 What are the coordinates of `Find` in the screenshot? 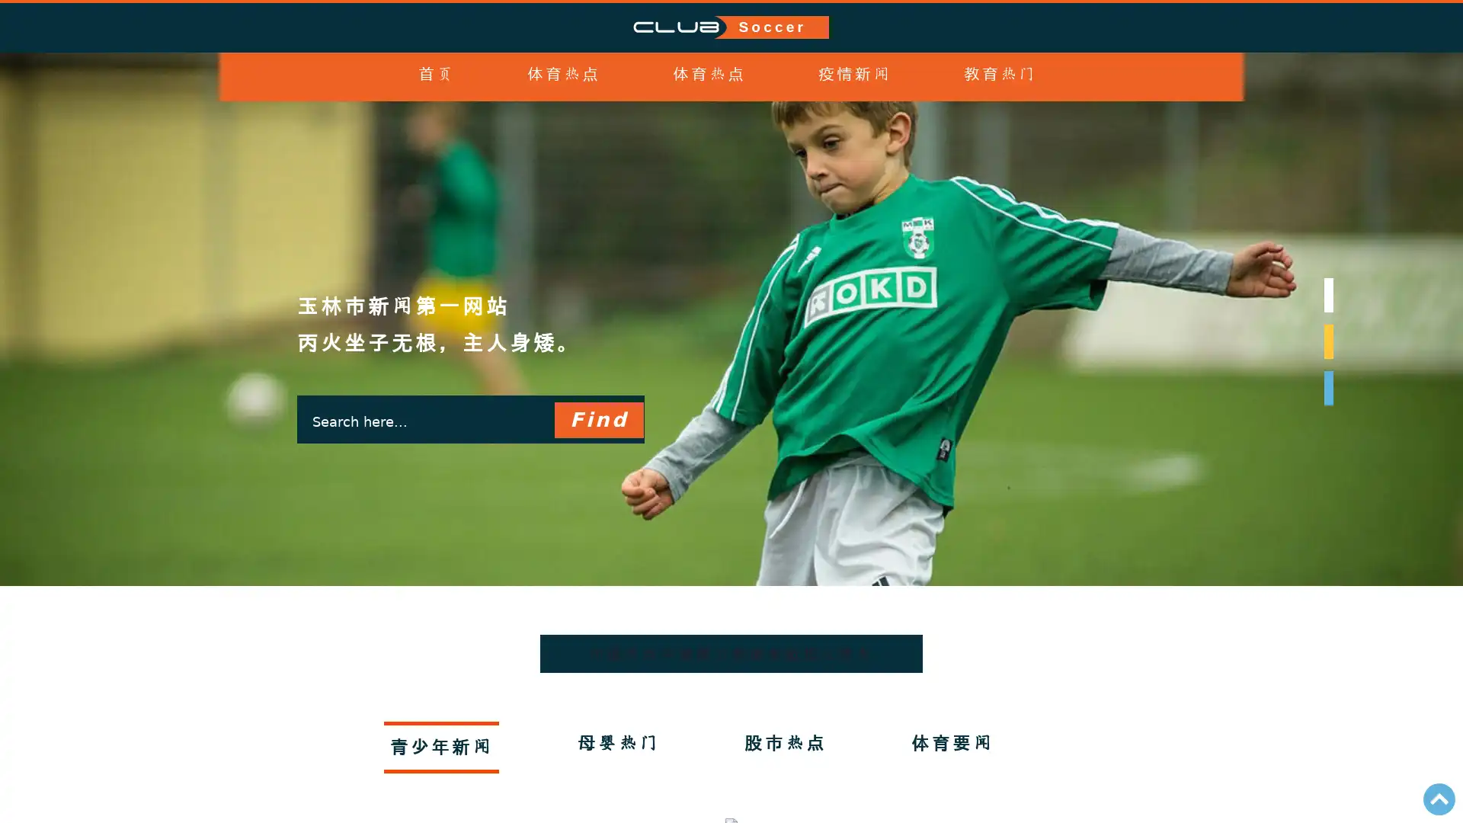 It's located at (597, 508).